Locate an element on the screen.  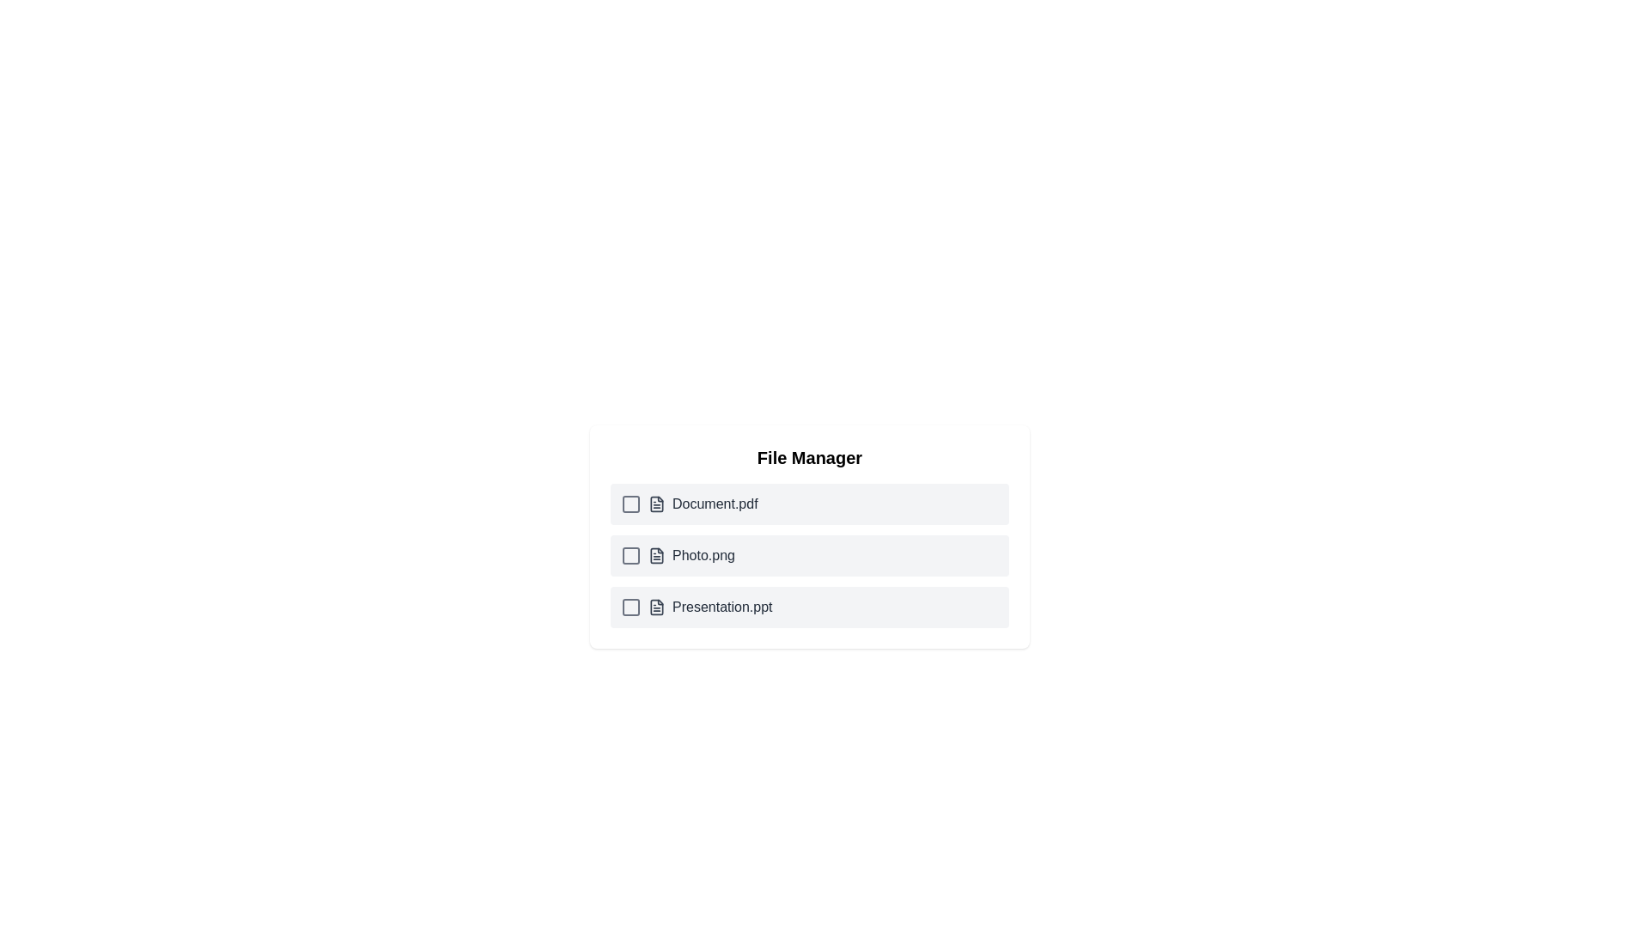
the middle list item labeled 'Photo.png' in the file manager interface is located at coordinates (808, 535).